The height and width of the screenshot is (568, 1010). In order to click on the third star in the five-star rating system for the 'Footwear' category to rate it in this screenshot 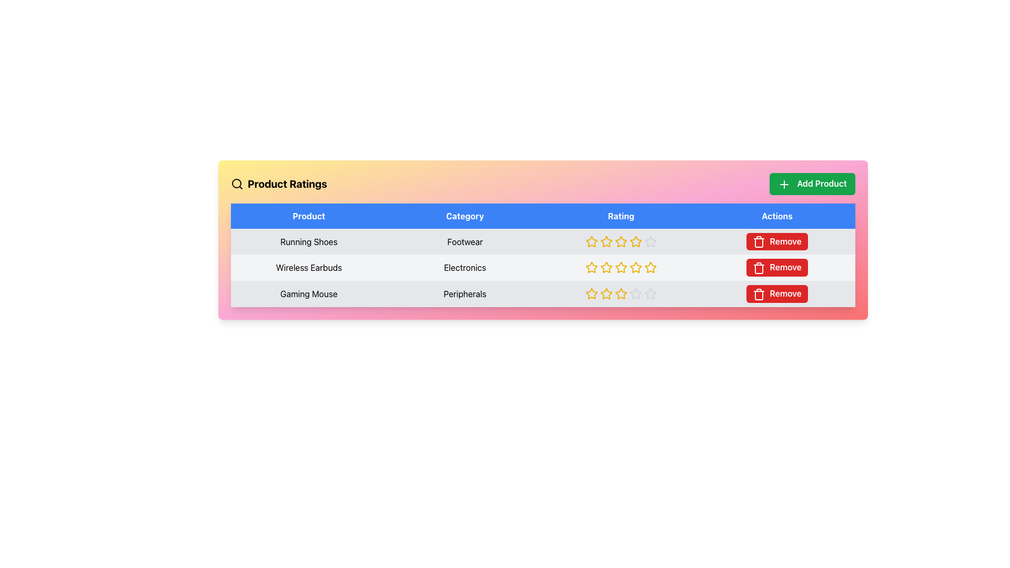, I will do `click(621, 241)`.